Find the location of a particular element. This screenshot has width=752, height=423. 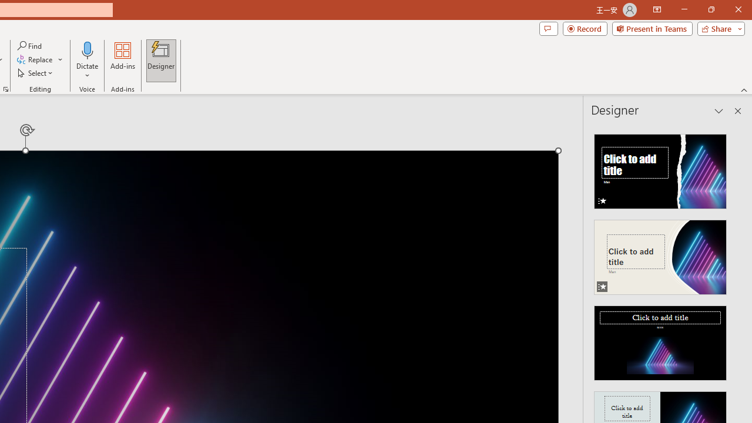

'Collapse the Ribbon' is located at coordinates (744, 89).